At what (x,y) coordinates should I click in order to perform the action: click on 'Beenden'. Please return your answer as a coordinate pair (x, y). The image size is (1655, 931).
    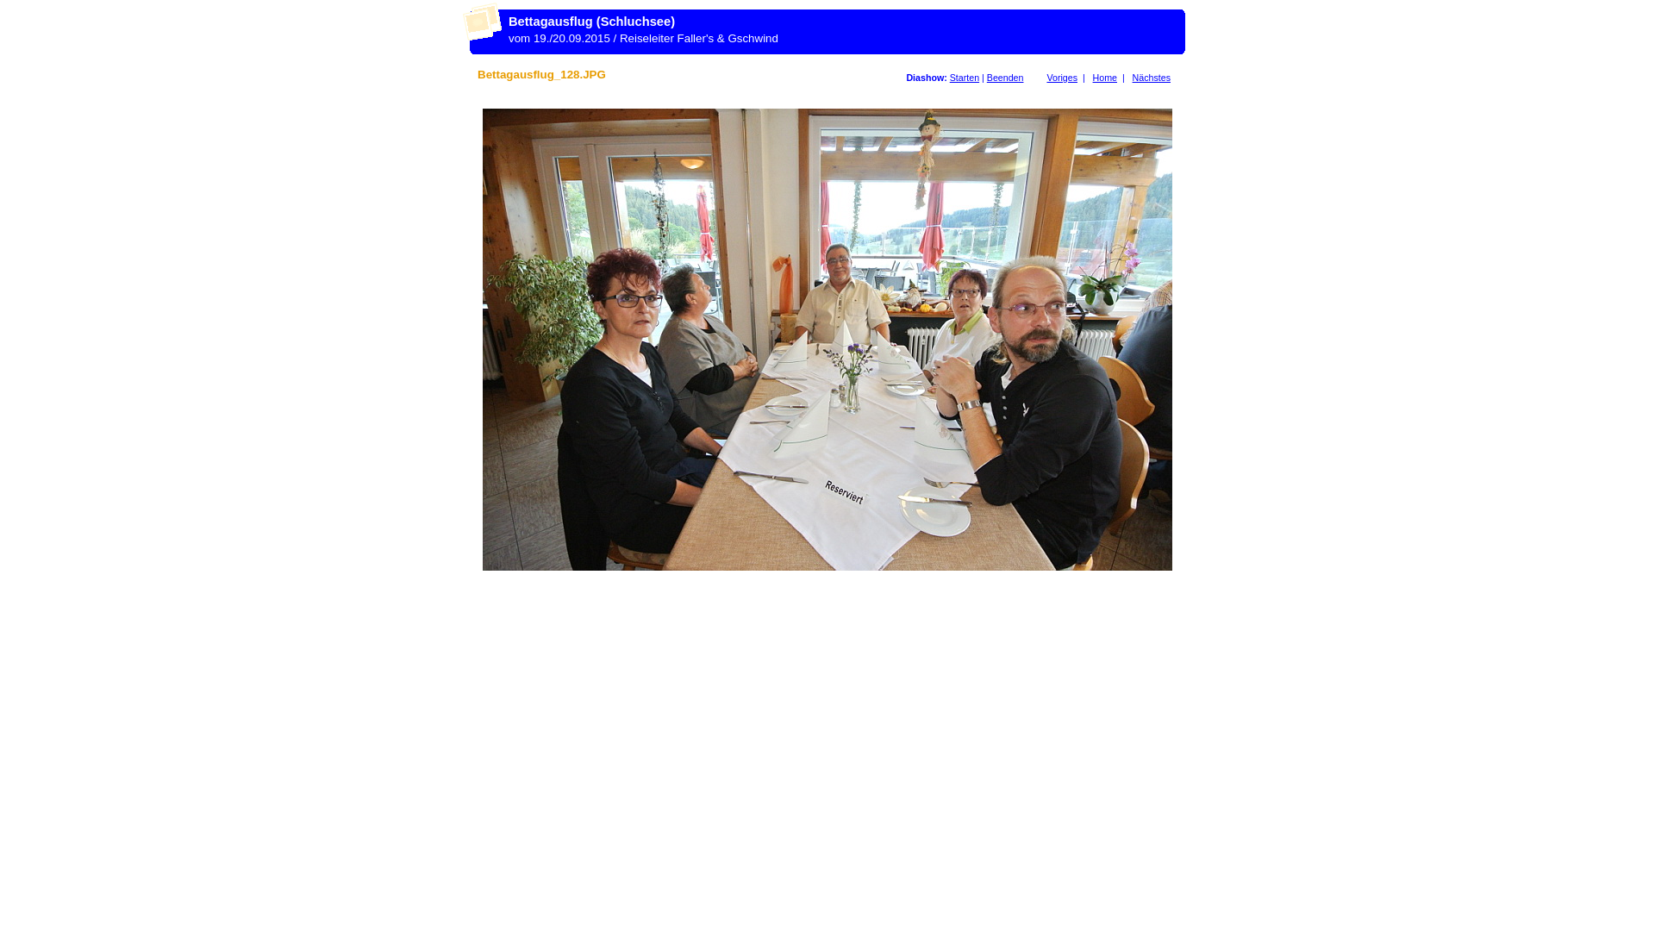
    Looking at the image, I should click on (1005, 76).